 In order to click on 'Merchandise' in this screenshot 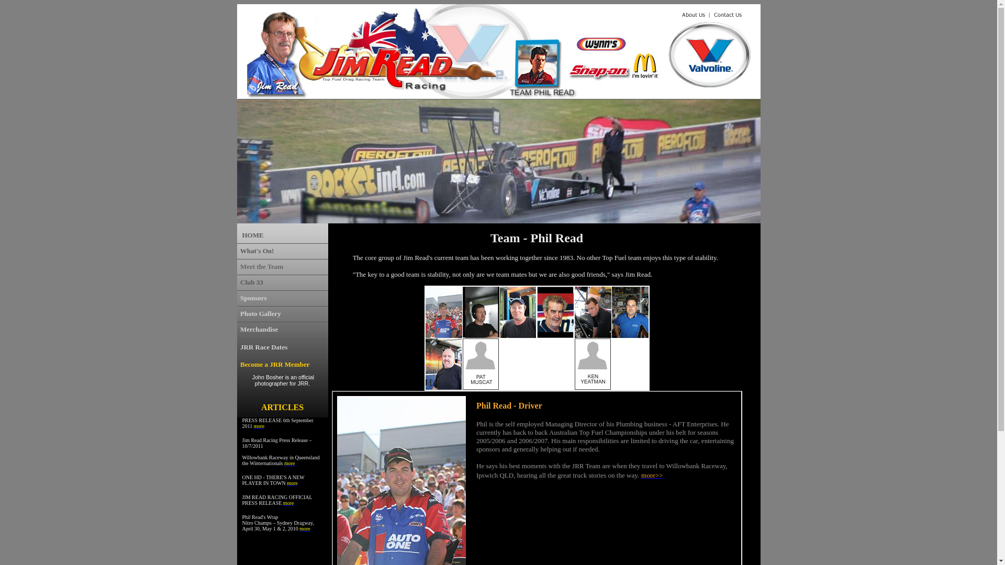, I will do `click(259, 329)`.